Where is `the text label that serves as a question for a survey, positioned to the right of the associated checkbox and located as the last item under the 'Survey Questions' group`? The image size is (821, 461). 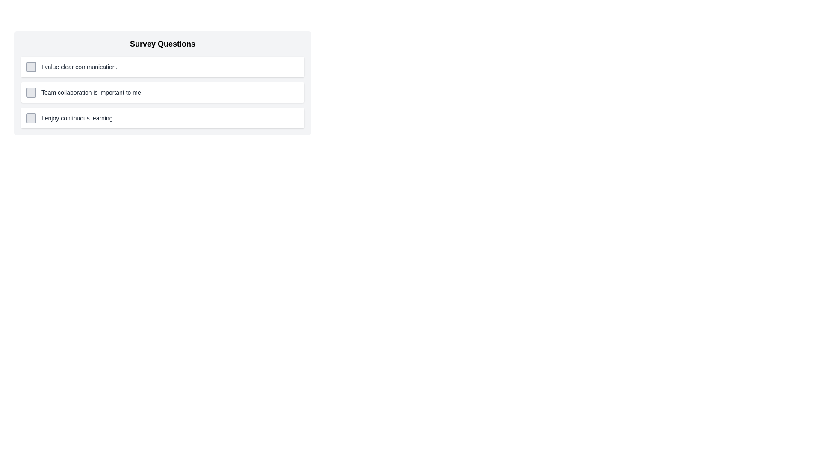 the text label that serves as a question for a survey, positioned to the right of the associated checkbox and located as the last item under the 'Survey Questions' group is located at coordinates (78, 118).